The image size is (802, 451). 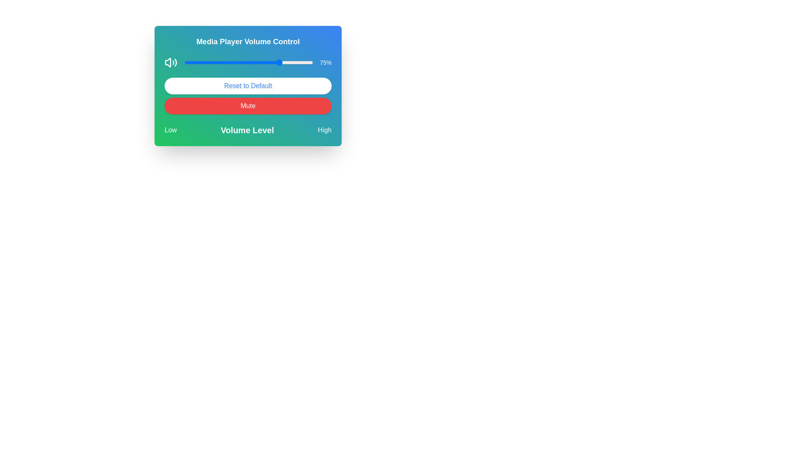 I want to click on the volume, so click(x=198, y=62).